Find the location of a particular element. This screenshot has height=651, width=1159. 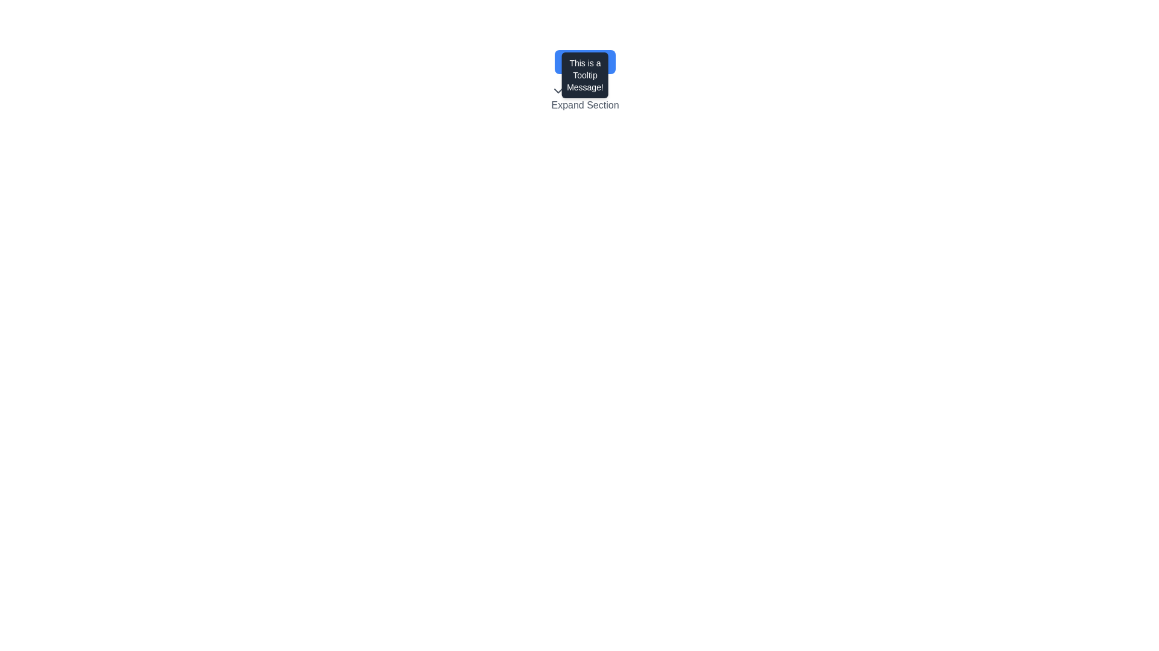

the content of the tooltip that shows the message 'This is a Tooltip Message!' which appears when hovering over the 'Hover Me' button is located at coordinates (585, 75).